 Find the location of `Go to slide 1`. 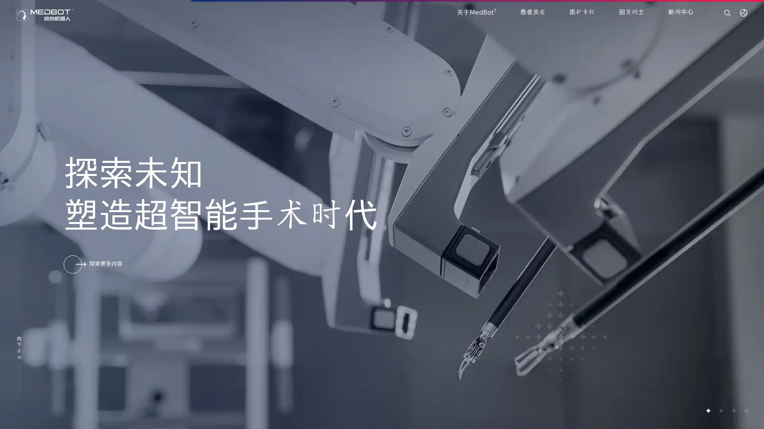

Go to slide 1 is located at coordinates (708, 410).